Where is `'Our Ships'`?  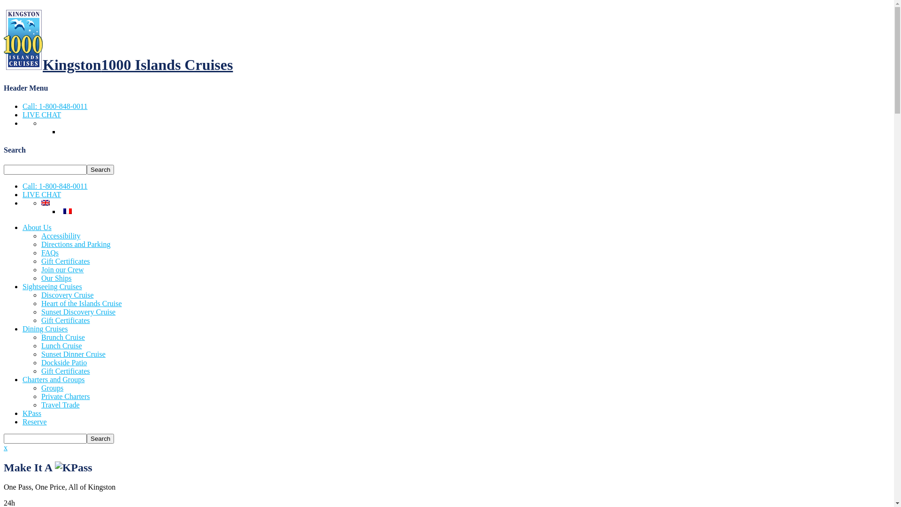 'Our Ships' is located at coordinates (56, 277).